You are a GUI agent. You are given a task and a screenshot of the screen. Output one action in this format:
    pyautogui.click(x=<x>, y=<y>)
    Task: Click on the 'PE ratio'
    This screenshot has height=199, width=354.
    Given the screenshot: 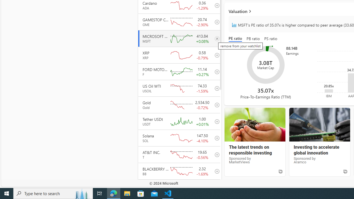 What is the action you would take?
    pyautogui.click(x=236, y=39)
    